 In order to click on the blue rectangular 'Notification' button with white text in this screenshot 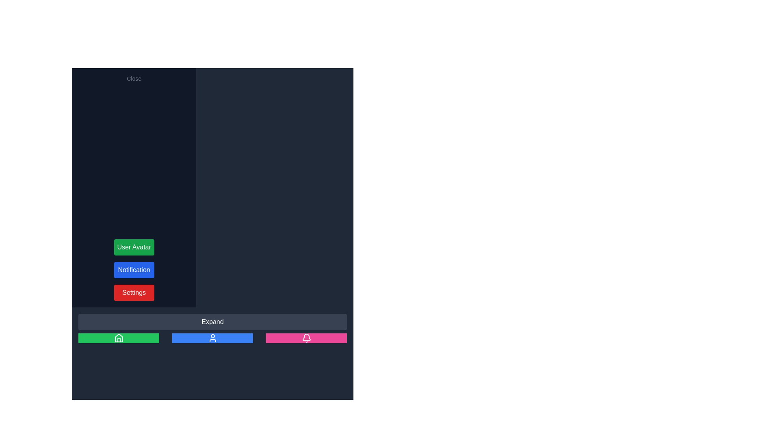, I will do `click(134, 270)`.